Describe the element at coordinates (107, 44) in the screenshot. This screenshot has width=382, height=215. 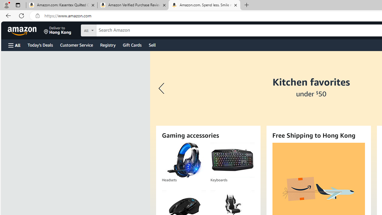
I see `'Registry'` at that location.